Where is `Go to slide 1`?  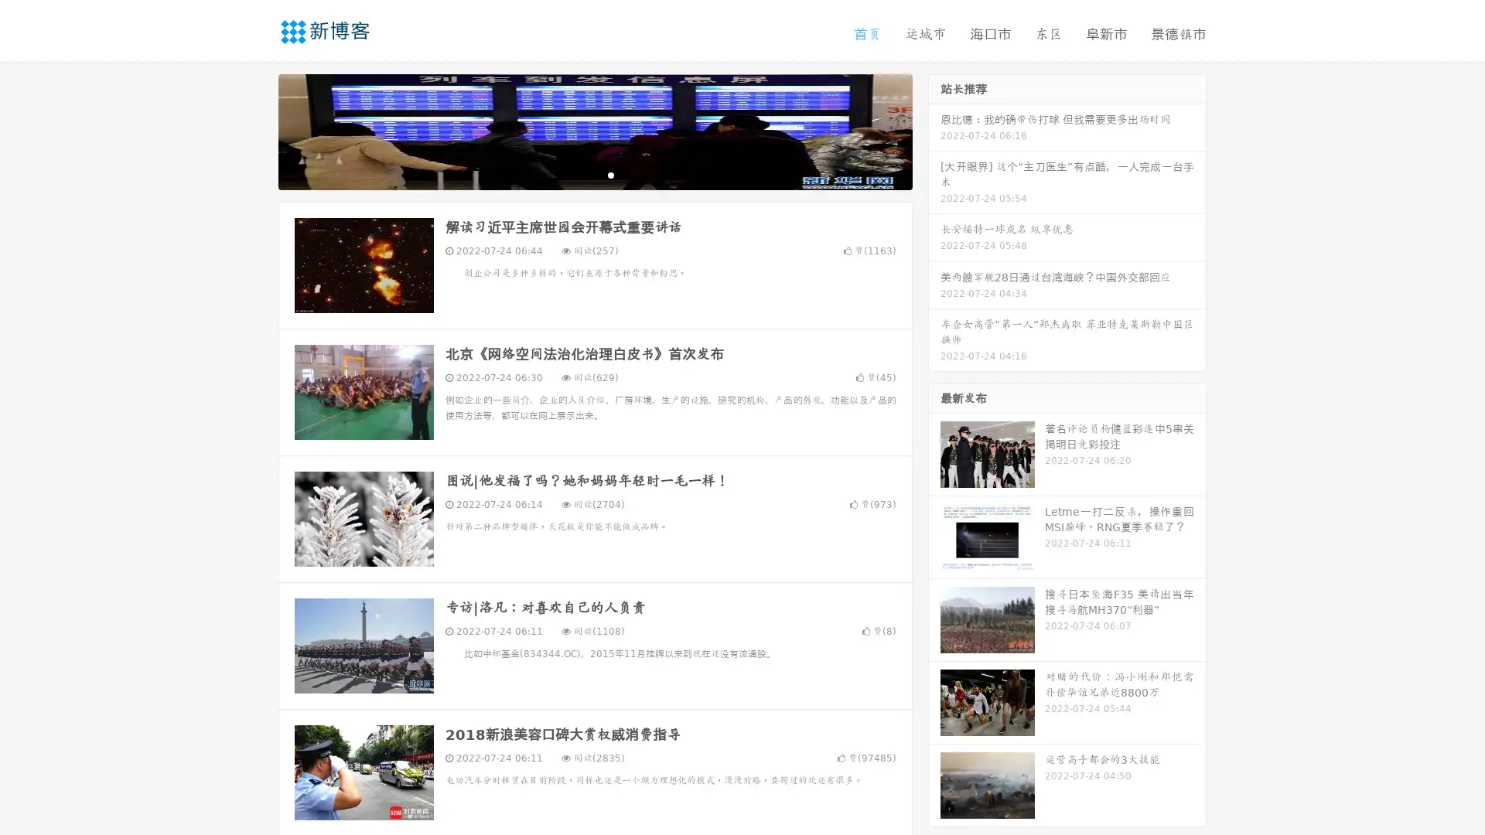
Go to slide 1 is located at coordinates (579, 174).